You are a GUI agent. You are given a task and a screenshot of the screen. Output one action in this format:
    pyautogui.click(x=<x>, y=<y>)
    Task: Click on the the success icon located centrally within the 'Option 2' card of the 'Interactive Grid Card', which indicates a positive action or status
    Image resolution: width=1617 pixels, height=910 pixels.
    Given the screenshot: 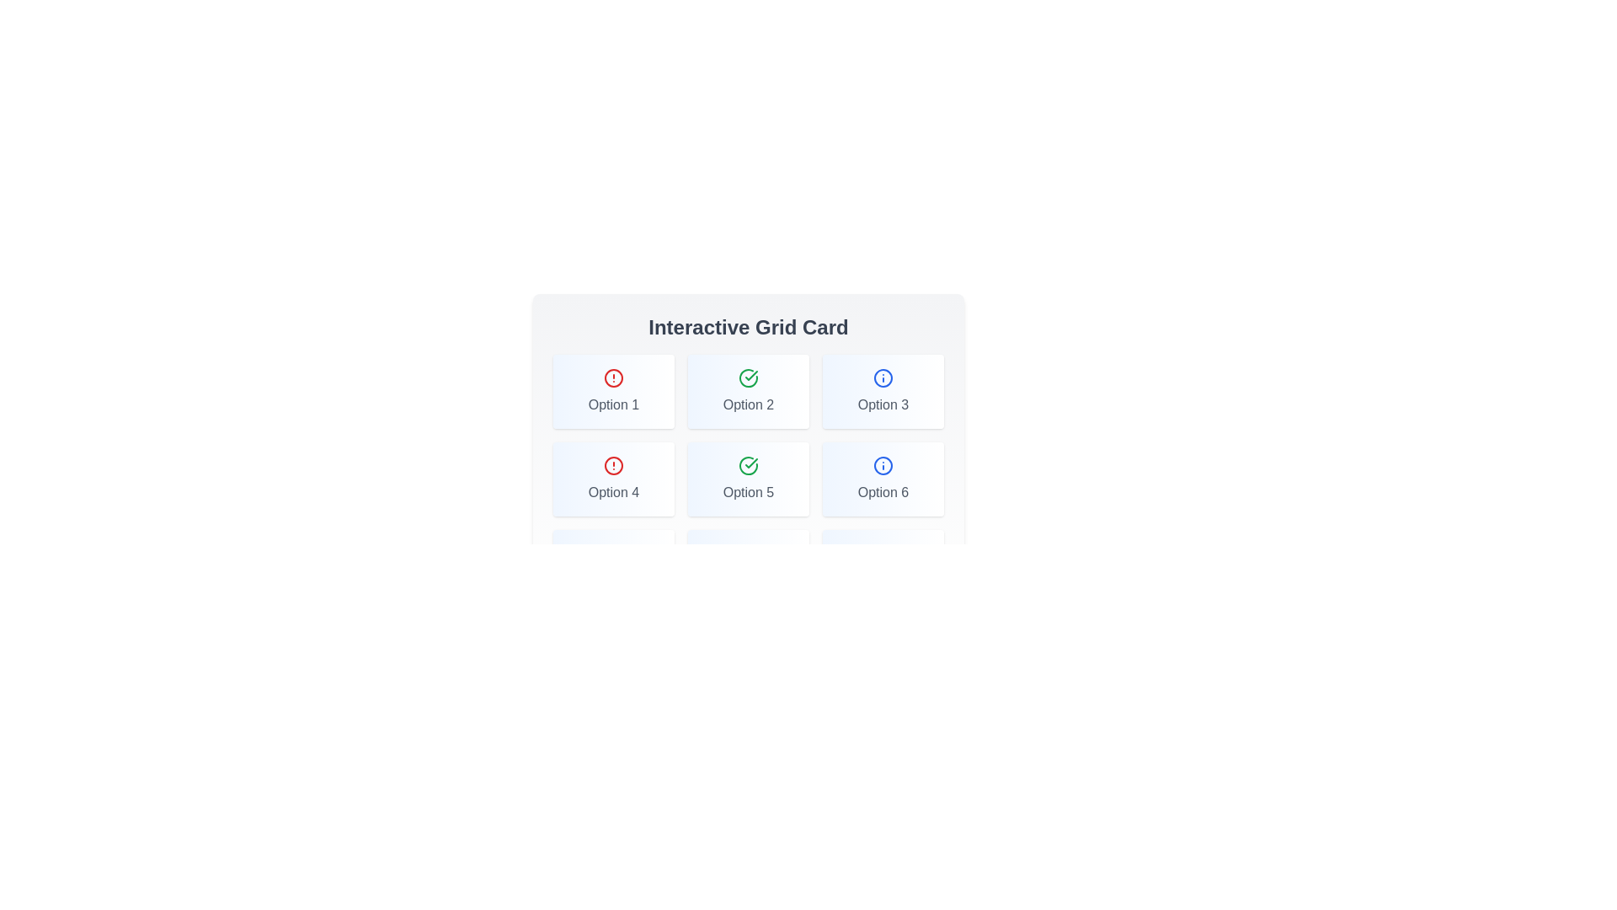 What is the action you would take?
    pyautogui.click(x=747, y=377)
    